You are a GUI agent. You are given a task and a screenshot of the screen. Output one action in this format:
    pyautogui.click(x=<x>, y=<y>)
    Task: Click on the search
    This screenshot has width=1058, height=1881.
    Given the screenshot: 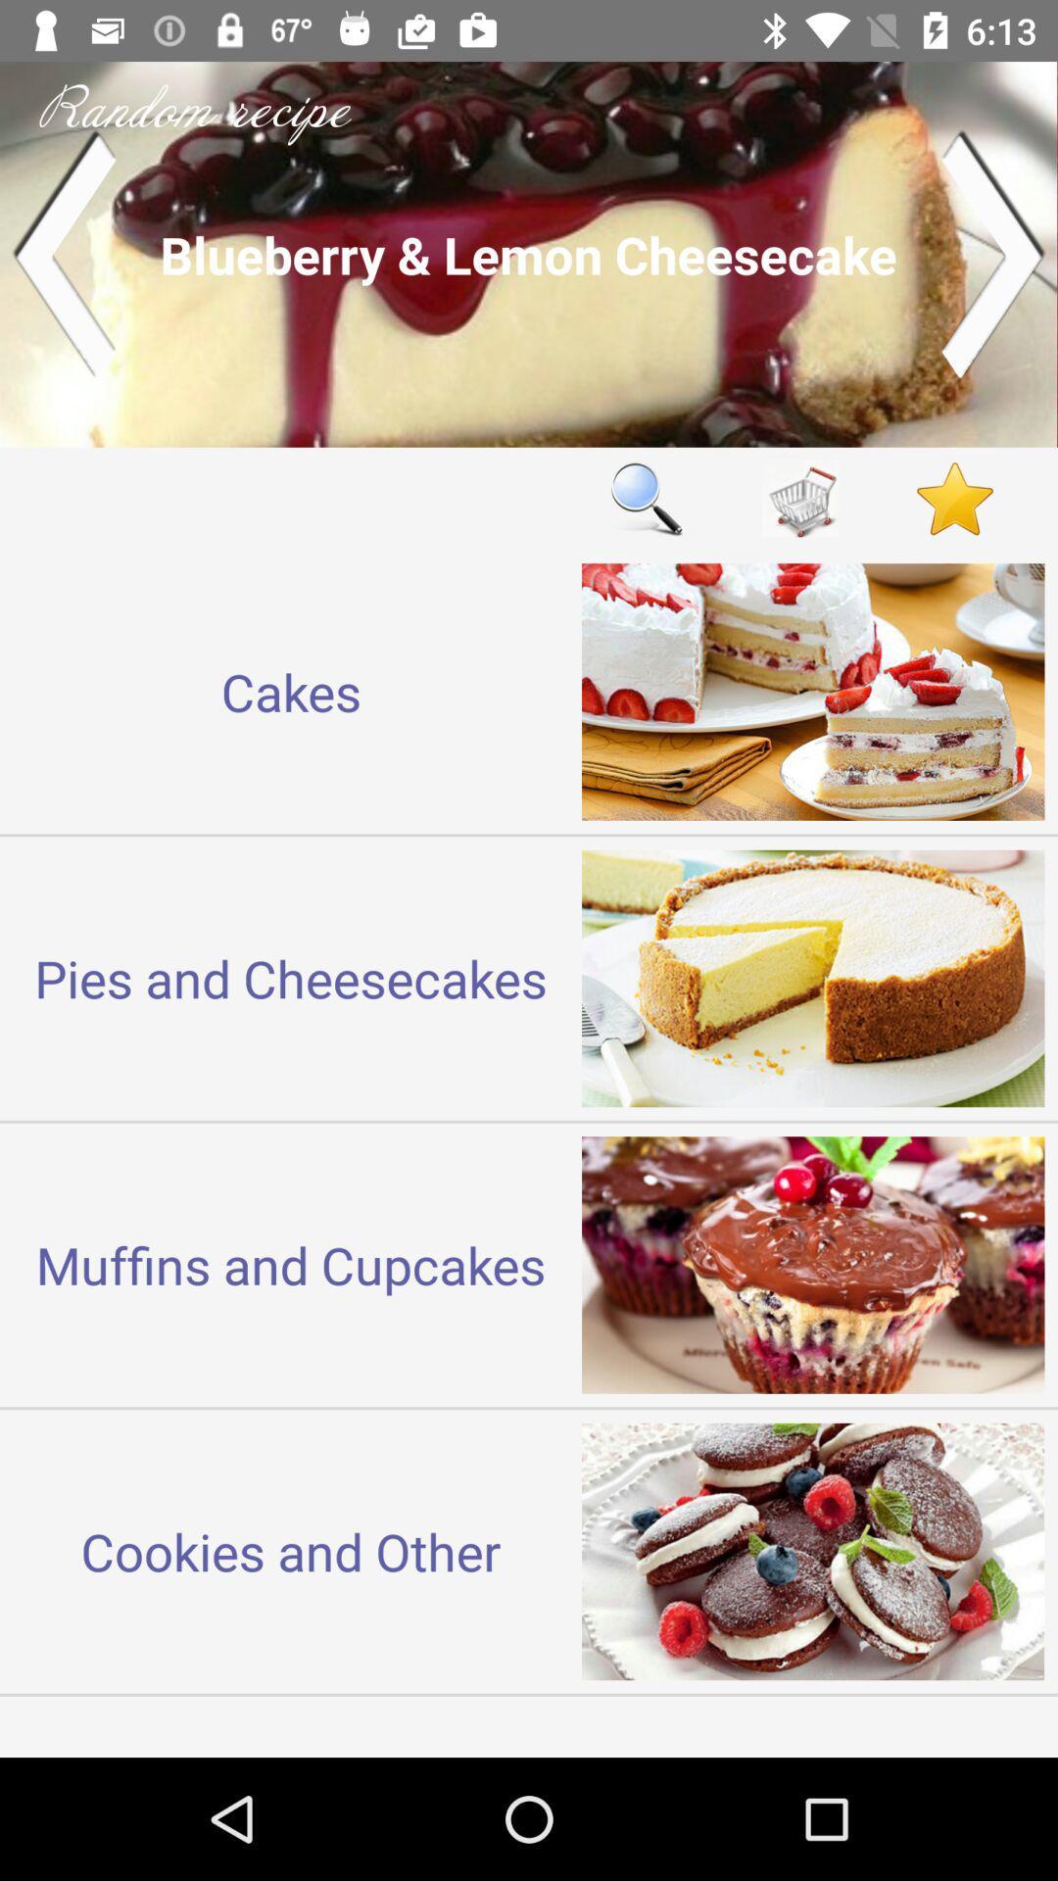 What is the action you would take?
    pyautogui.click(x=646, y=499)
    